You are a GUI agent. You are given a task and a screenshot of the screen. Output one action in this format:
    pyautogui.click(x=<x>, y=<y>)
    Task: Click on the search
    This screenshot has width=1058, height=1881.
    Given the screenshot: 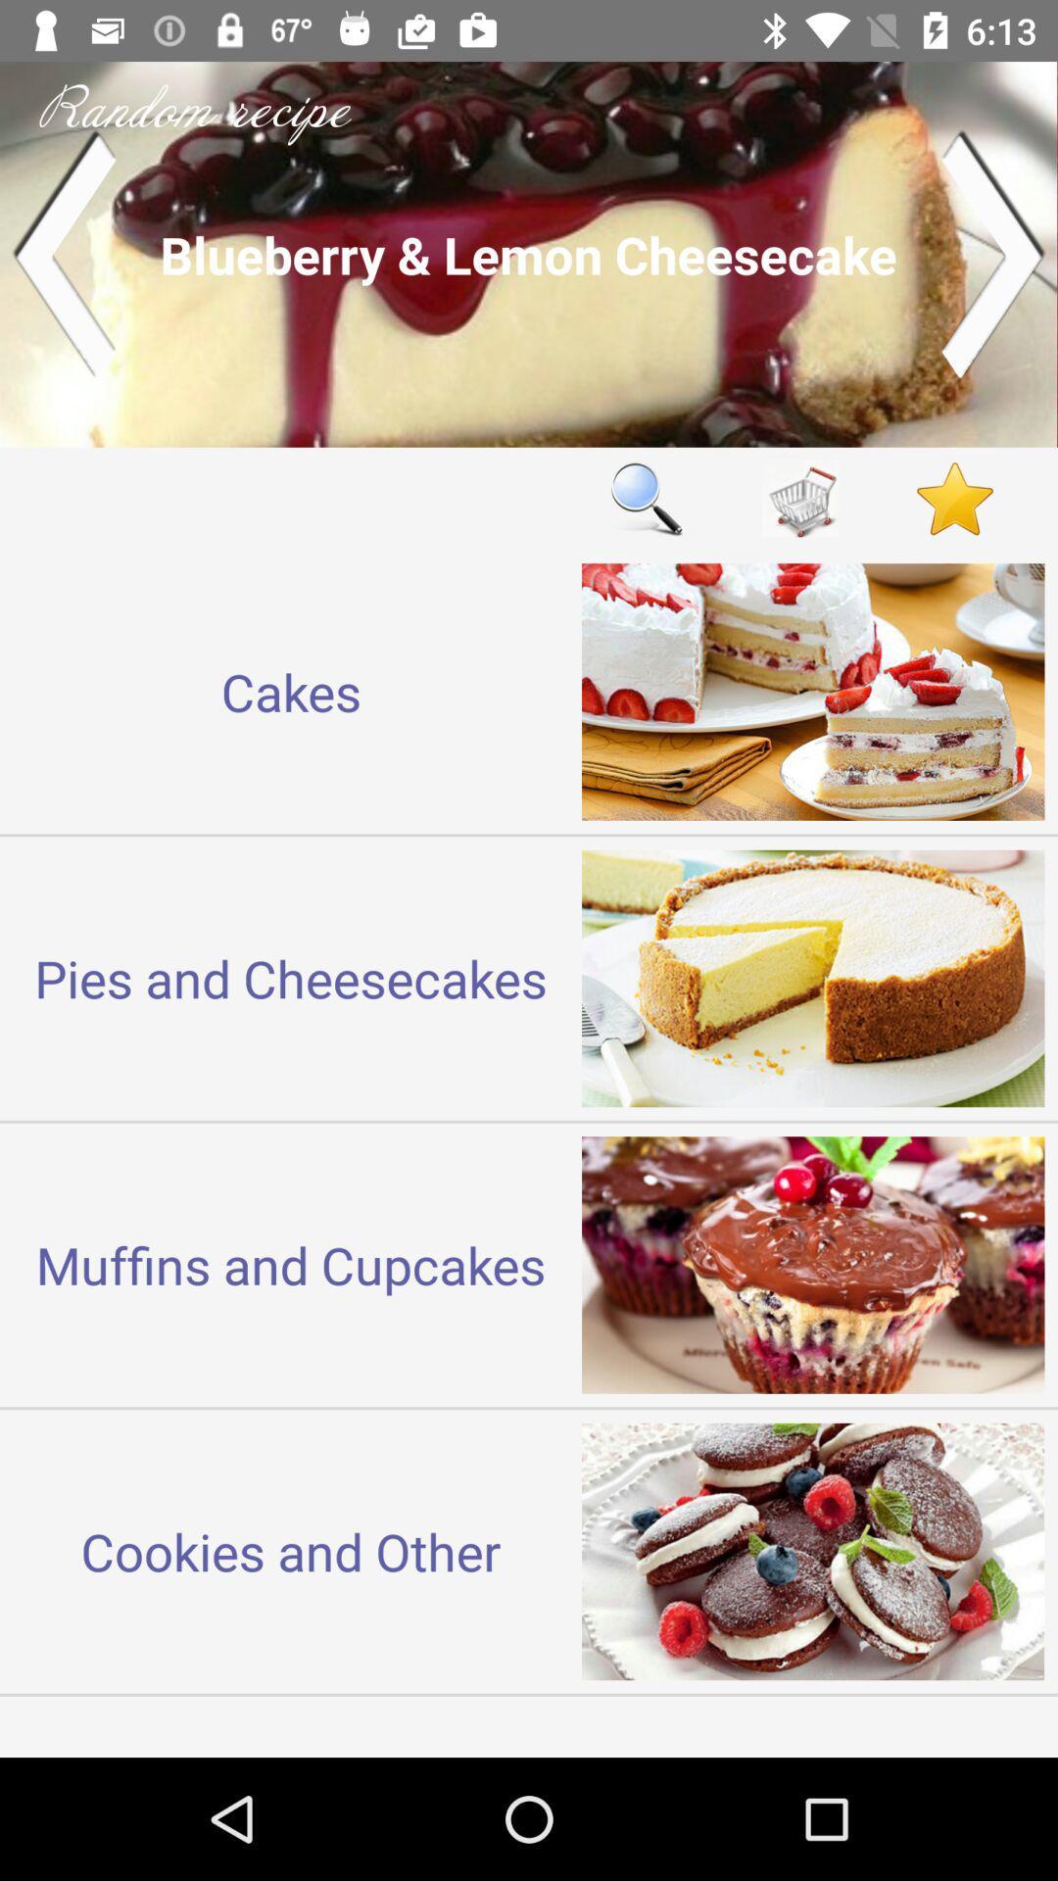 What is the action you would take?
    pyautogui.click(x=646, y=499)
    